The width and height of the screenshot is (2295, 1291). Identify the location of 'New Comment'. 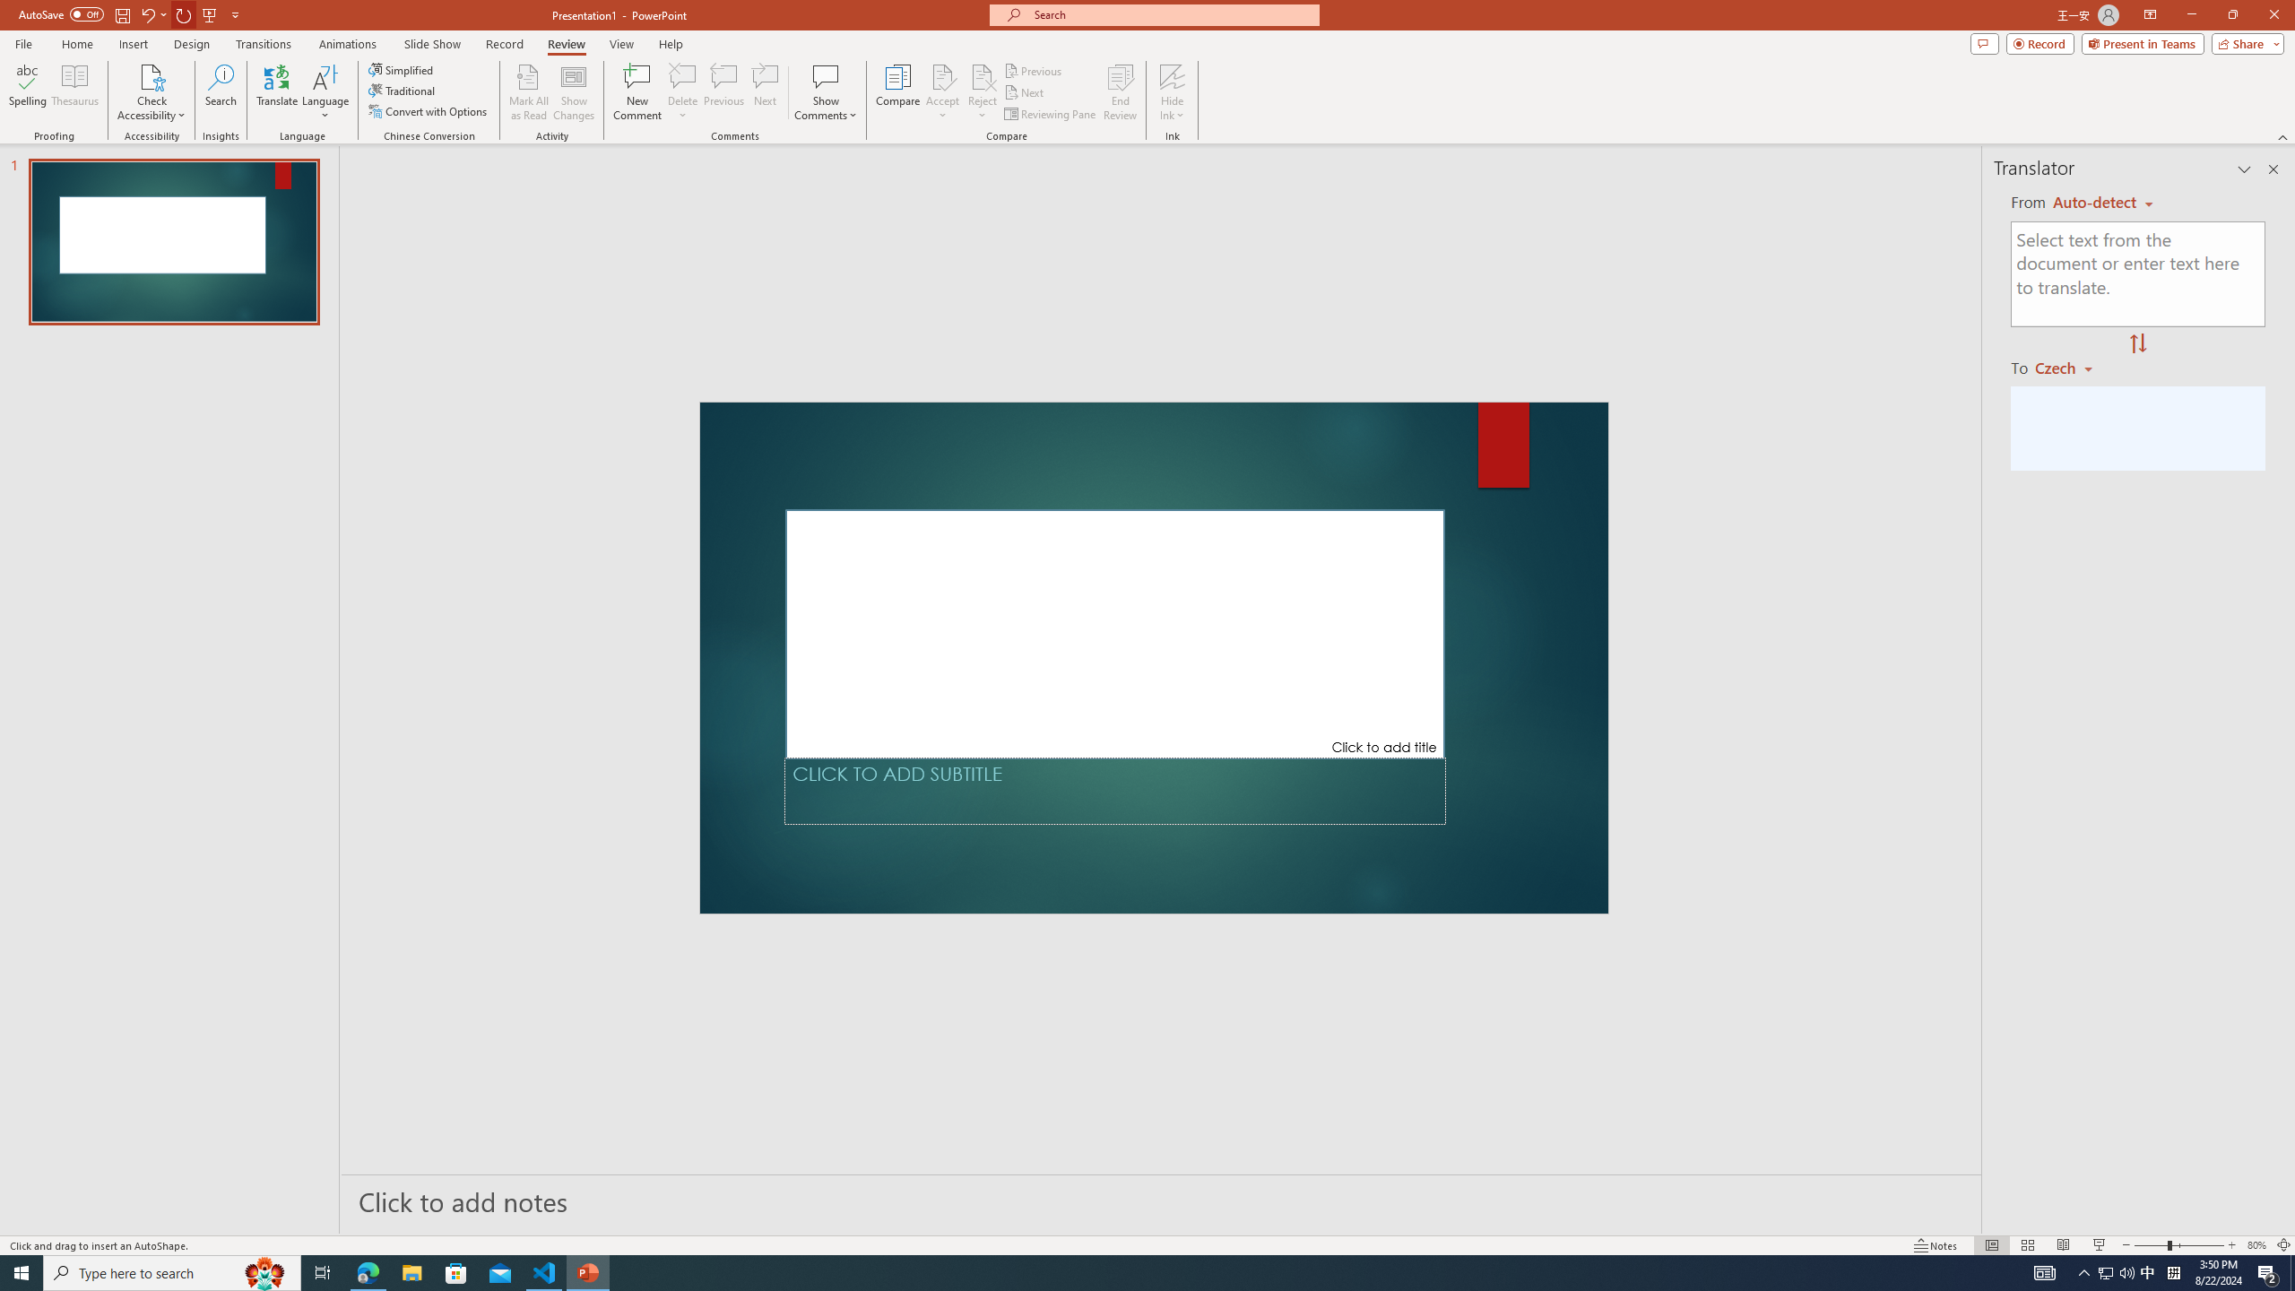
(636, 92).